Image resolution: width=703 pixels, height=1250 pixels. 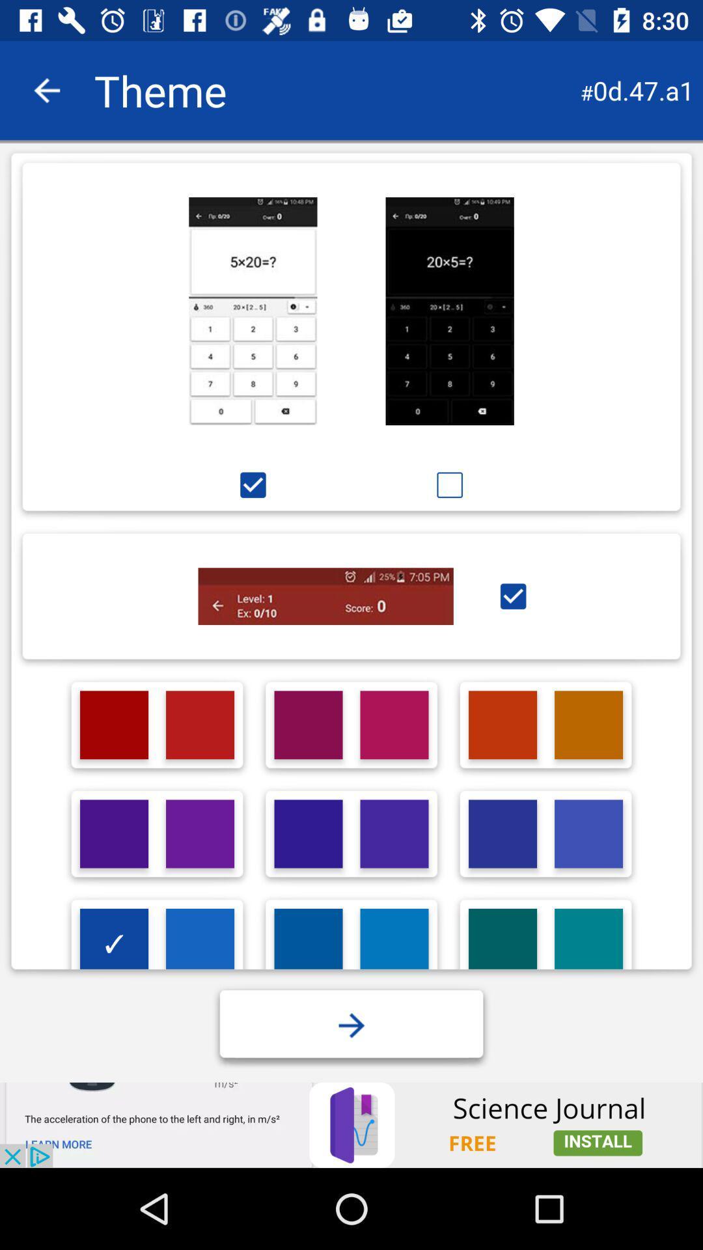 I want to click on choose color, so click(x=113, y=834).